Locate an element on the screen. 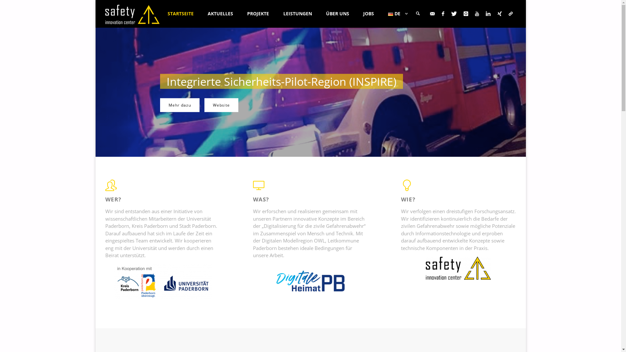  'Facebook' is located at coordinates (443, 14).